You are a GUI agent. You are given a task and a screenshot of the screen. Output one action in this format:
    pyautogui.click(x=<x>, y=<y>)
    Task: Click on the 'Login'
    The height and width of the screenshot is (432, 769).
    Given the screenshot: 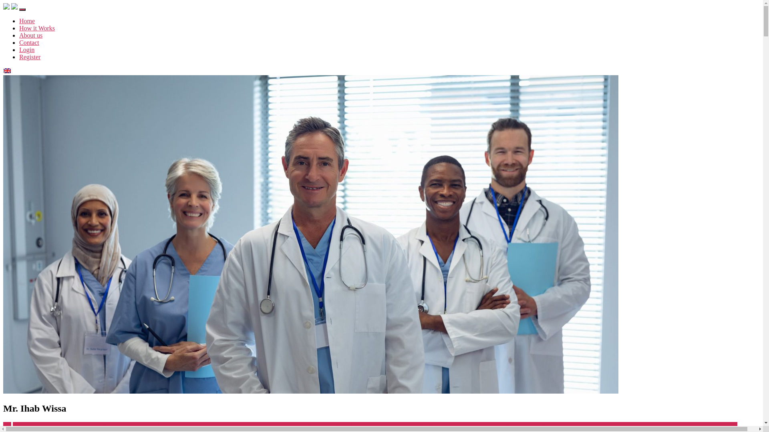 What is the action you would take?
    pyautogui.click(x=27, y=50)
    